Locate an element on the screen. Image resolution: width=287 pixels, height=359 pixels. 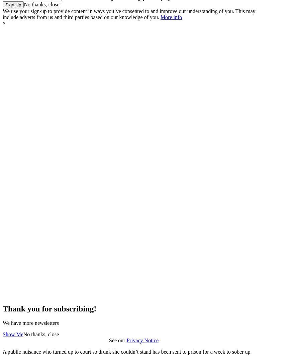
'Privacy Notice' is located at coordinates (142, 340).